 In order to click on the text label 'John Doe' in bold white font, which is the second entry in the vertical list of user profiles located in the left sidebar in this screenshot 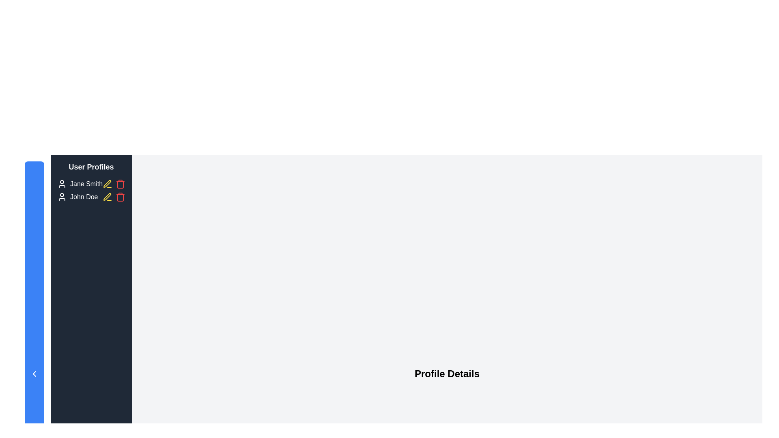, I will do `click(84, 197)`.